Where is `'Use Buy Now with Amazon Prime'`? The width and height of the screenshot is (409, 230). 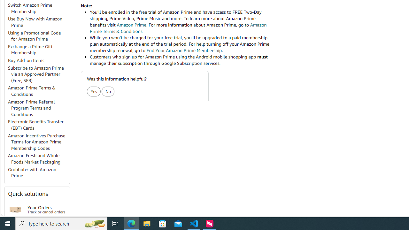 'Use Buy Now with Amazon Prime' is located at coordinates (35, 22).